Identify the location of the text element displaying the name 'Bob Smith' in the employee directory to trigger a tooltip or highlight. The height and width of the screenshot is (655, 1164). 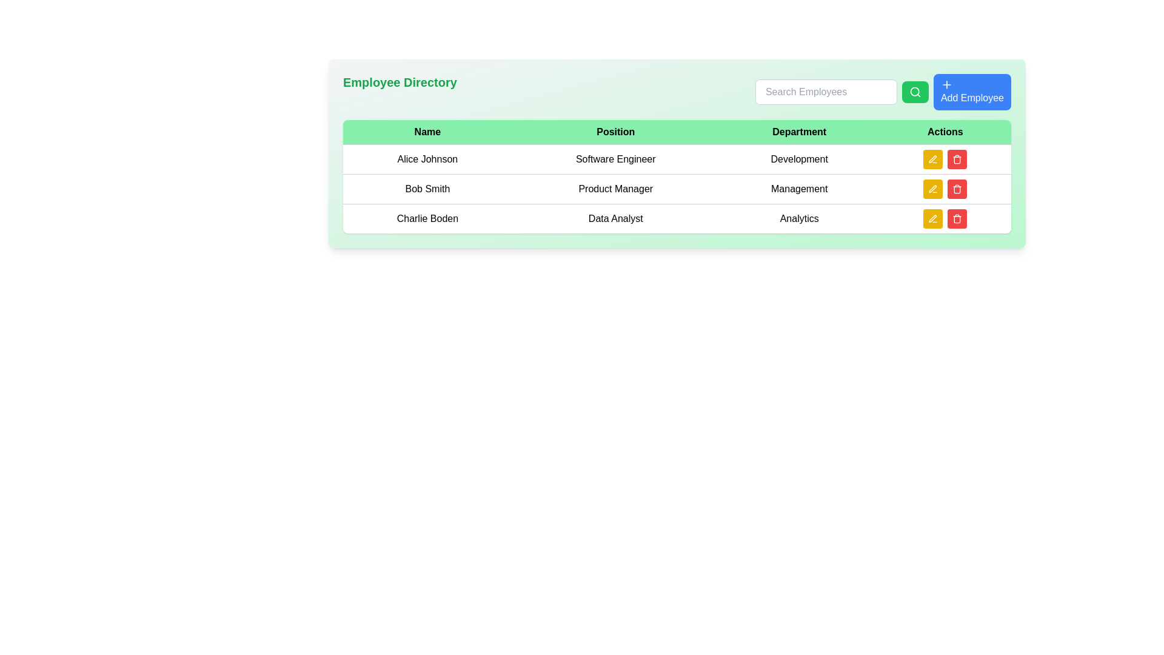
(427, 189).